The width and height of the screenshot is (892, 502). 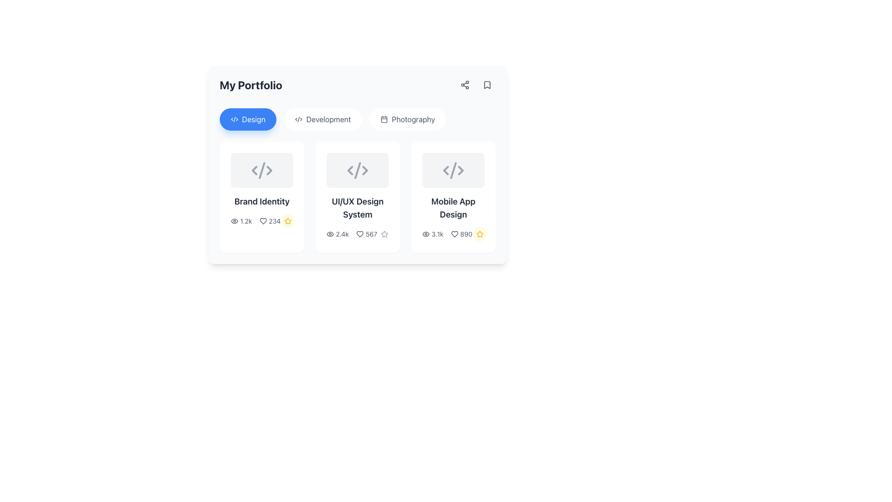 What do you see at coordinates (454, 234) in the screenshot?
I see `the liking icon located in the bottom section of the third portfolio card from the left, near the textual indicator '890' and aligned with the star icon` at bounding box center [454, 234].